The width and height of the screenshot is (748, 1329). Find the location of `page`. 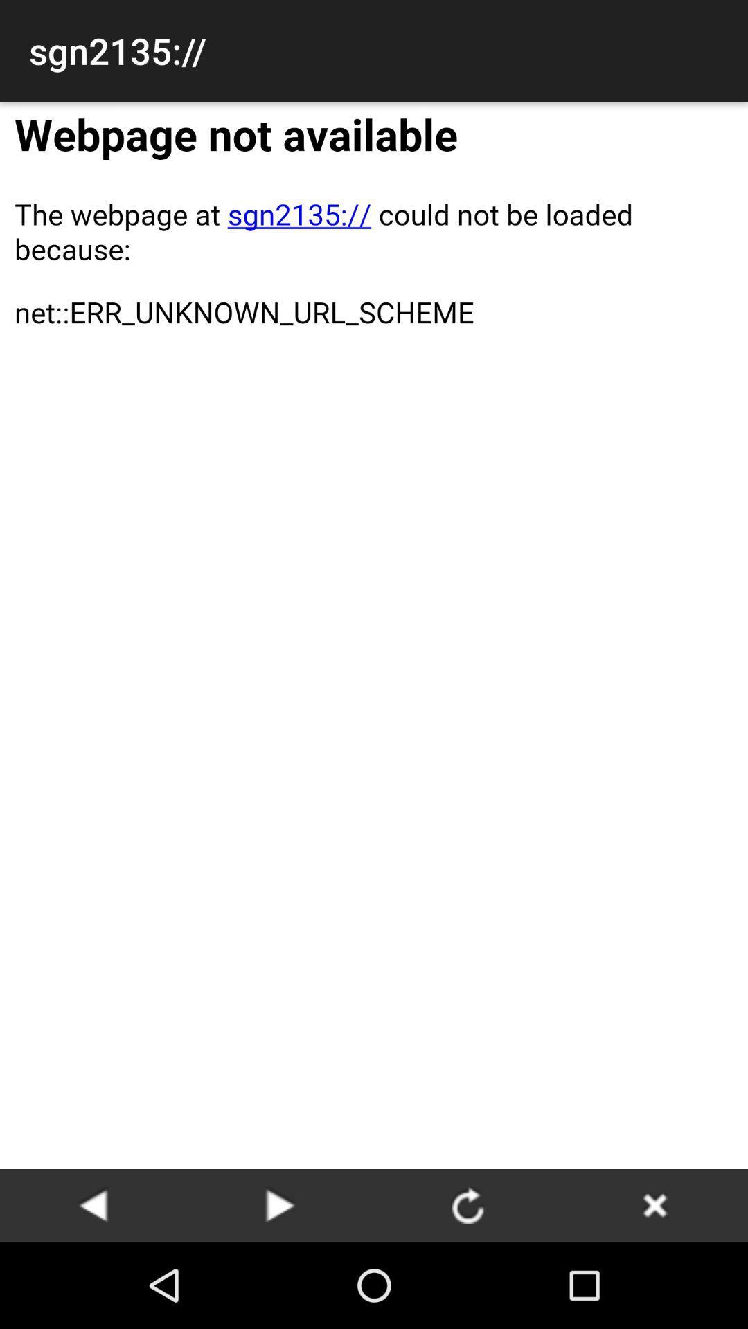

page is located at coordinates (654, 1204).